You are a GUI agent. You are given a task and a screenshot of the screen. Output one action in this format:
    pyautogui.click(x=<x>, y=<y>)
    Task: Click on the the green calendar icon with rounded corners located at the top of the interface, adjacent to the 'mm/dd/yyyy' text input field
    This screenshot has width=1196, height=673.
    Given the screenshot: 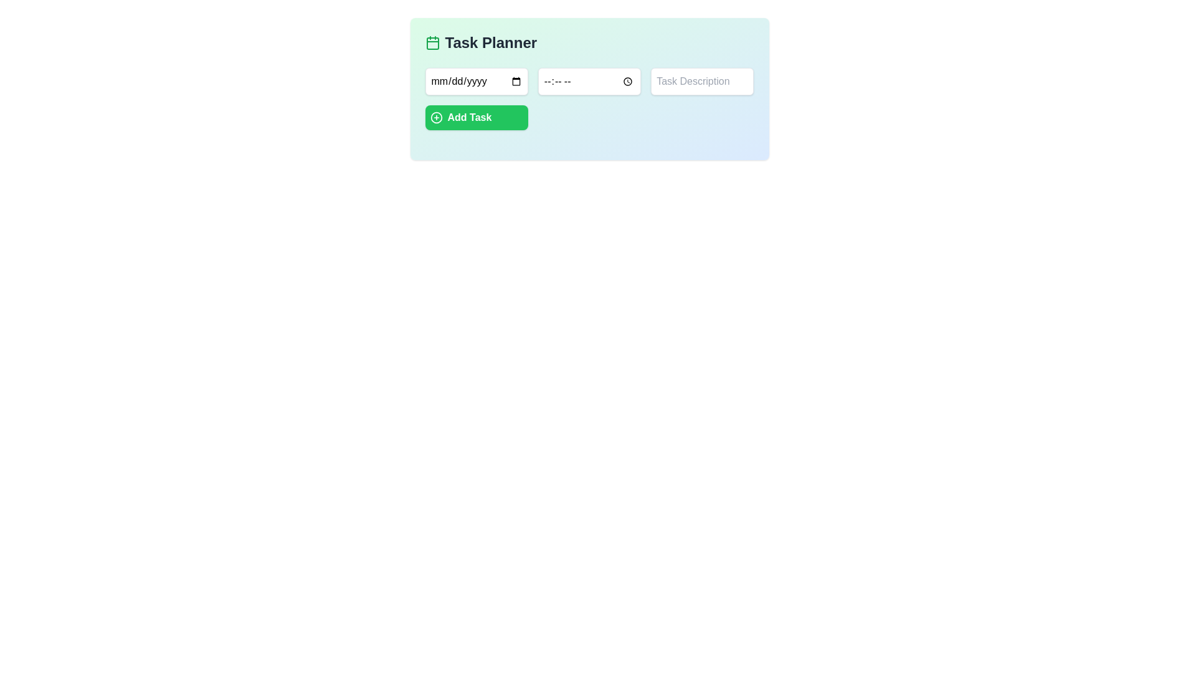 What is the action you would take?
    pyautogui.click(x=432, y=42)
    